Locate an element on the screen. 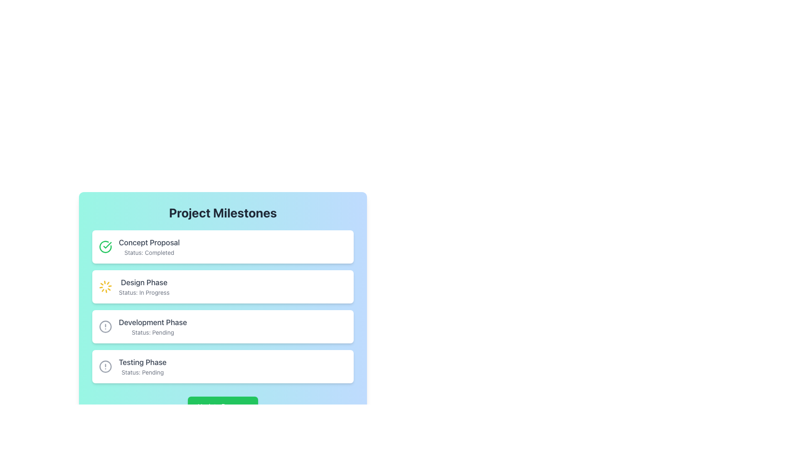  the 'Design Phase' milestone status card, which is the second milestone in a vertically stacked list, indicating its current status as 'In Progress' is located at coordinates (223, 293).